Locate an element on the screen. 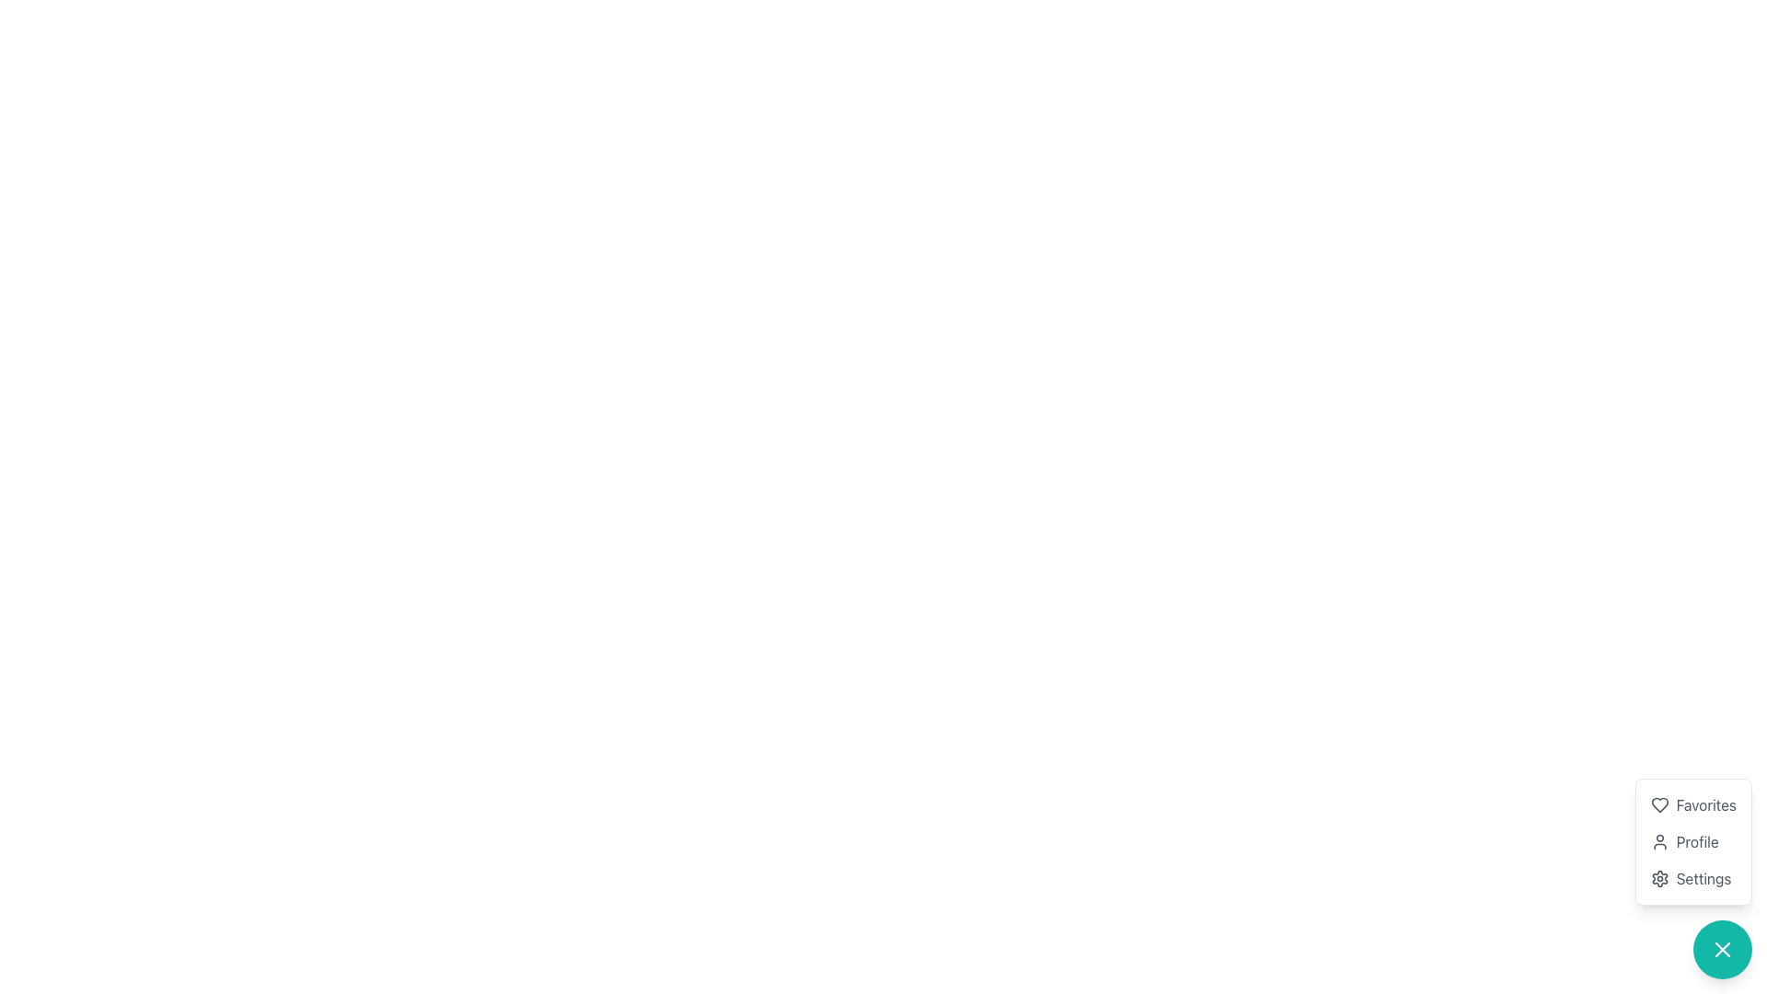 This screenshot has width=1767, height=994. the heart-shaped icon, which is styled in line art and is located to the left of the 'Favorites' text in the bottom-right corner of the interface is located at coordinates (1659, 804).